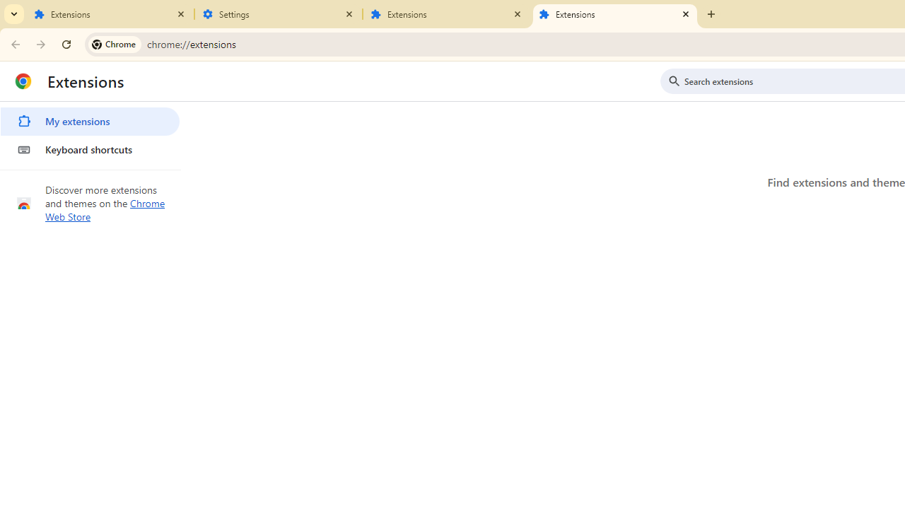 This screenshot has height=509, width=905. Describe the element at coordinates (89, 150) in the screenshot. I see `'Keyboard shortcuts'` at that location.